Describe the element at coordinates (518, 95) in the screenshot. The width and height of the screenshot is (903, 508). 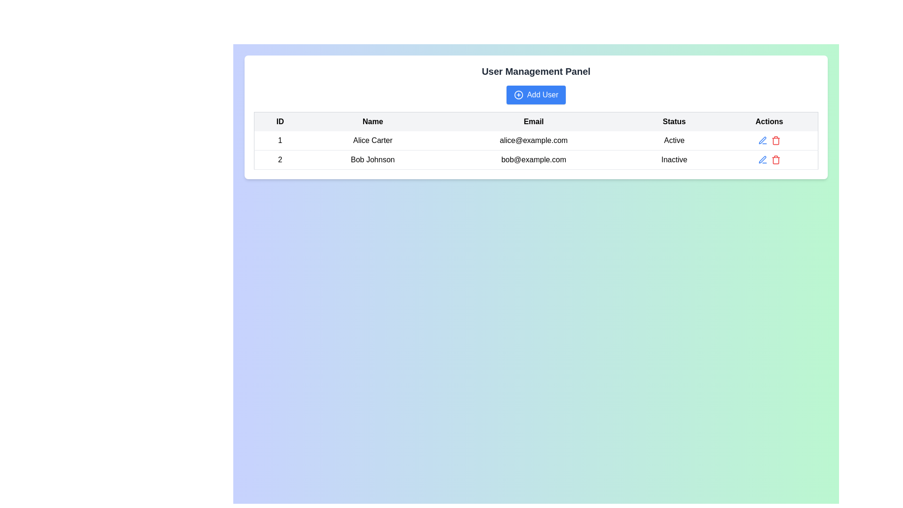
I see `the 'Add User' button icon located to the left of the button text` at that location.